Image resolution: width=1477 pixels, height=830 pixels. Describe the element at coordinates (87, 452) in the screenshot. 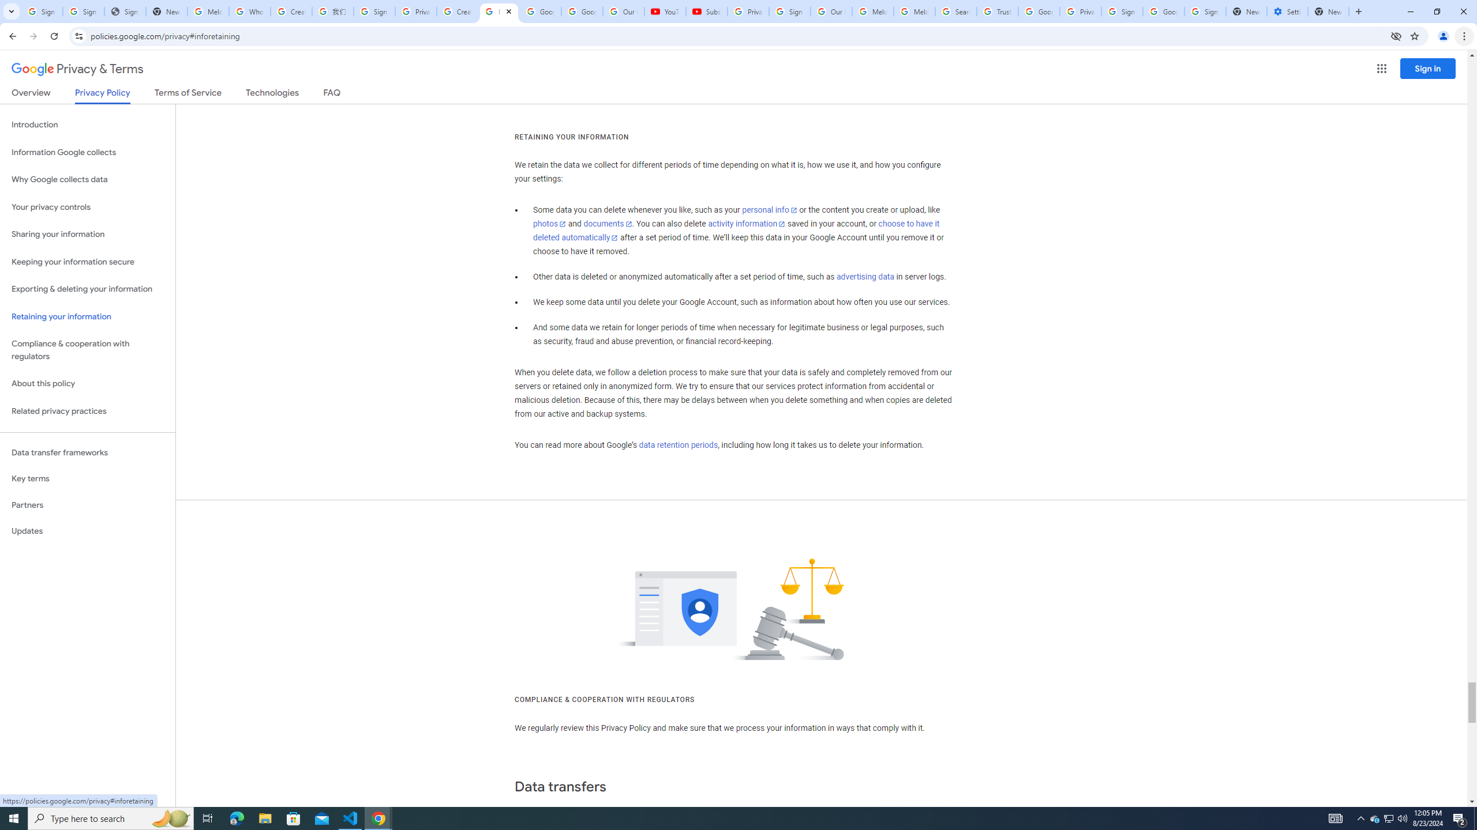

I see `'Data transfer frameworks'` at that location.